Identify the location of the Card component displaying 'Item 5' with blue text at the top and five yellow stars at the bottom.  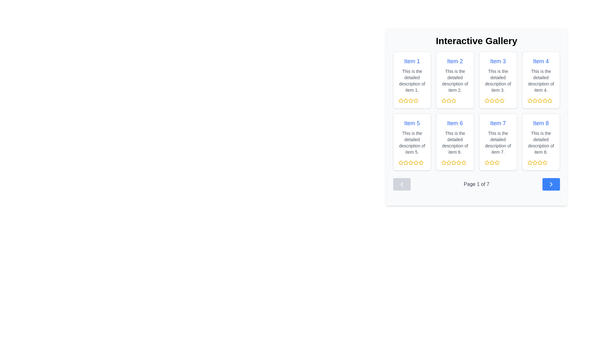
(412, 142).